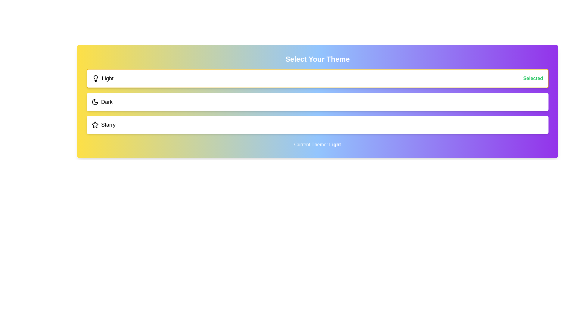  I want to click on the theme option Dark to select it, so click(102, 102).